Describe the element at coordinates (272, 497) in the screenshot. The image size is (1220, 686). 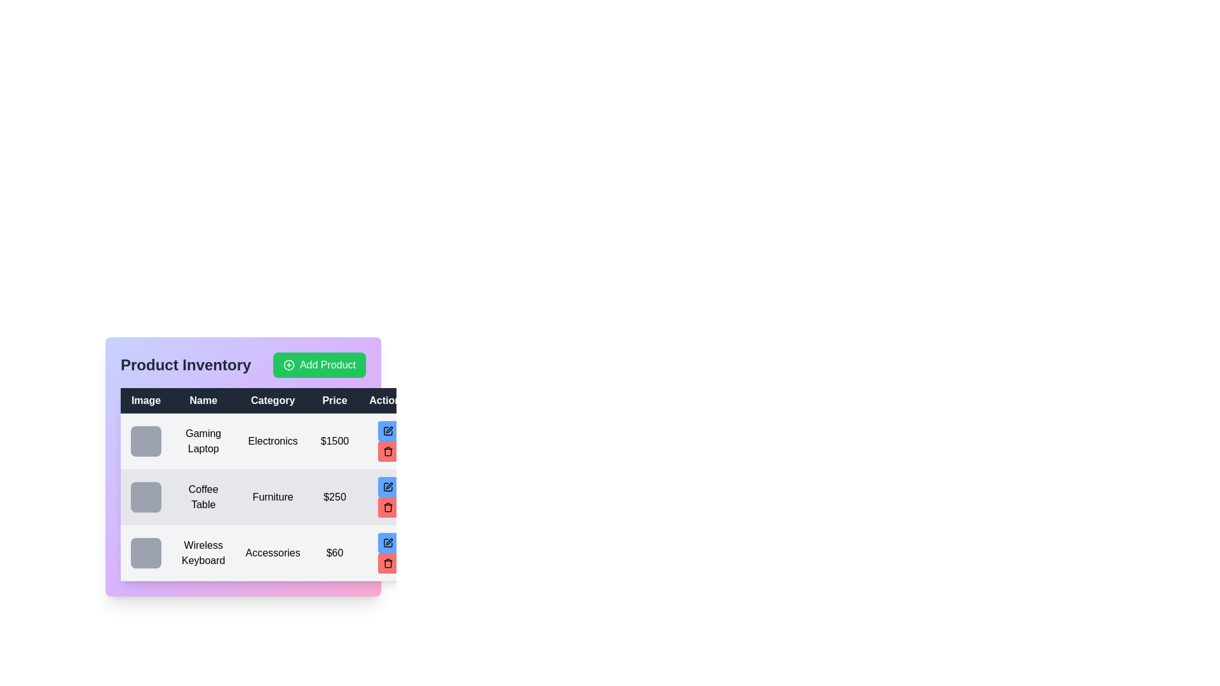
I see `the 'Coffee Table' category text label in the inventory table, located under 'Electronics' and above 'Accessories'` at that location.